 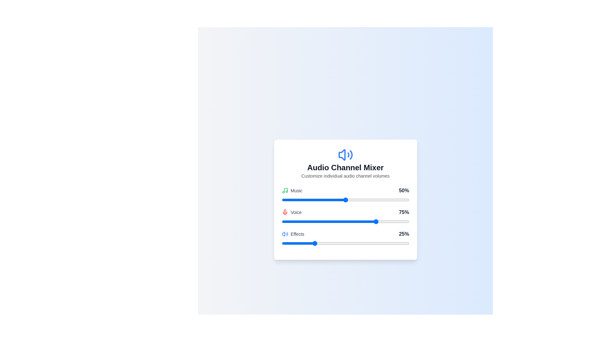 I want to click on the 'Effects' volume slider, so click(x=393, y=243).